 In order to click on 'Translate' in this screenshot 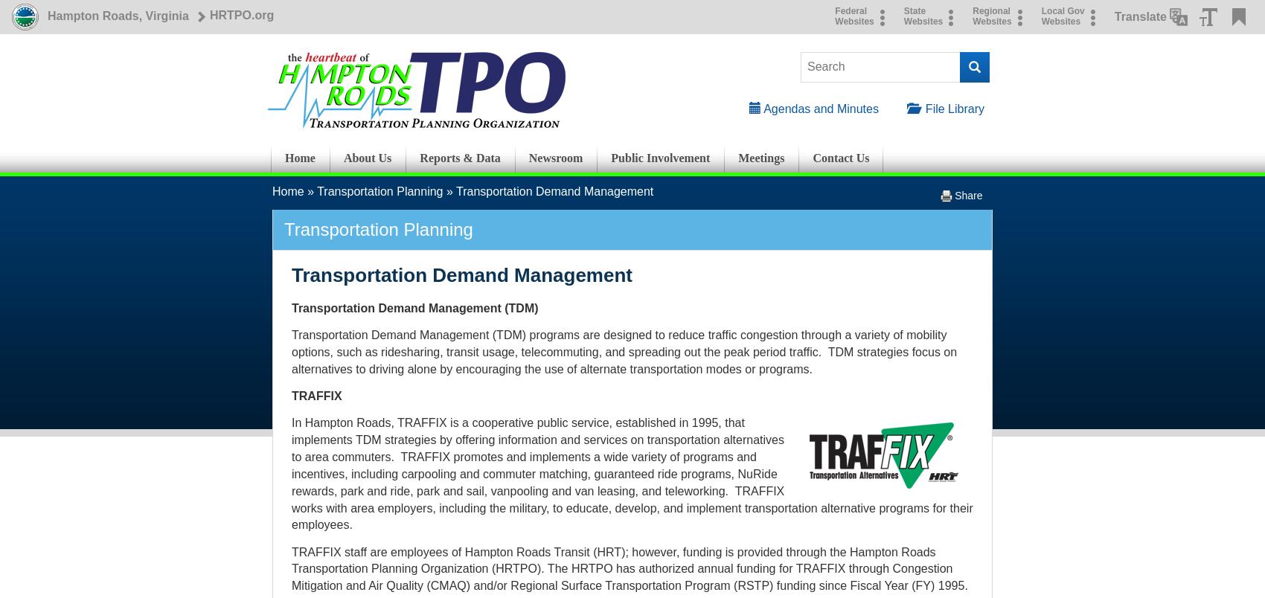, I will do `click(1140, 16)`.